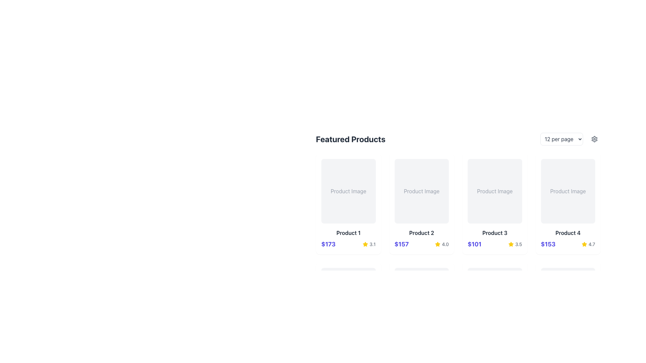 The width and height of the screenshot is (646, 363). What do you see at coordinates (348, 203) in the screenshot?
I see `the product card that displays details including an image, name, price, and rating, located in the first row and first column of the grid beneath 'Featured Products'` at bounding box center [348, 203].